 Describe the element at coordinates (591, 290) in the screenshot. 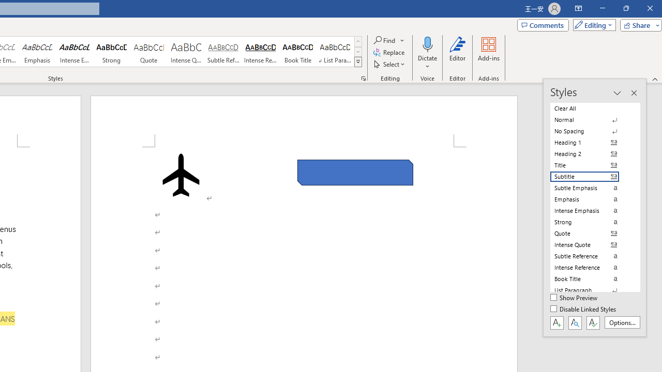

I see `'List Paragraph'` at that location.